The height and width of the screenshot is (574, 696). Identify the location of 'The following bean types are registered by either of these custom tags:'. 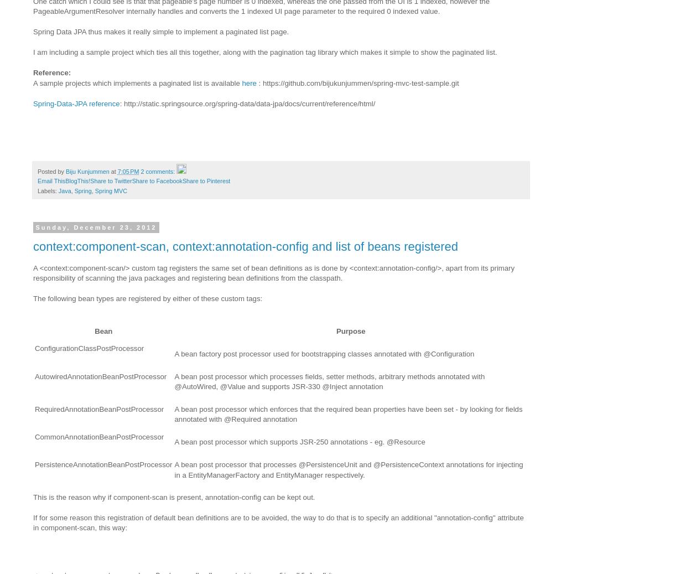
(147, 298).